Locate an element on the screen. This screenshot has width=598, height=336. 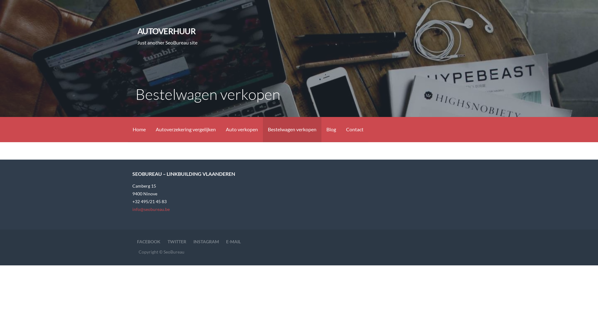
'Blog' is located at coordinates (331, 129).